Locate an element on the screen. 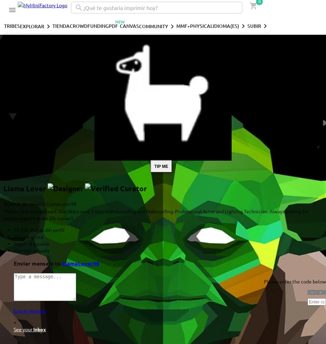  'Me gusta' is located at coordinates (32, 236).